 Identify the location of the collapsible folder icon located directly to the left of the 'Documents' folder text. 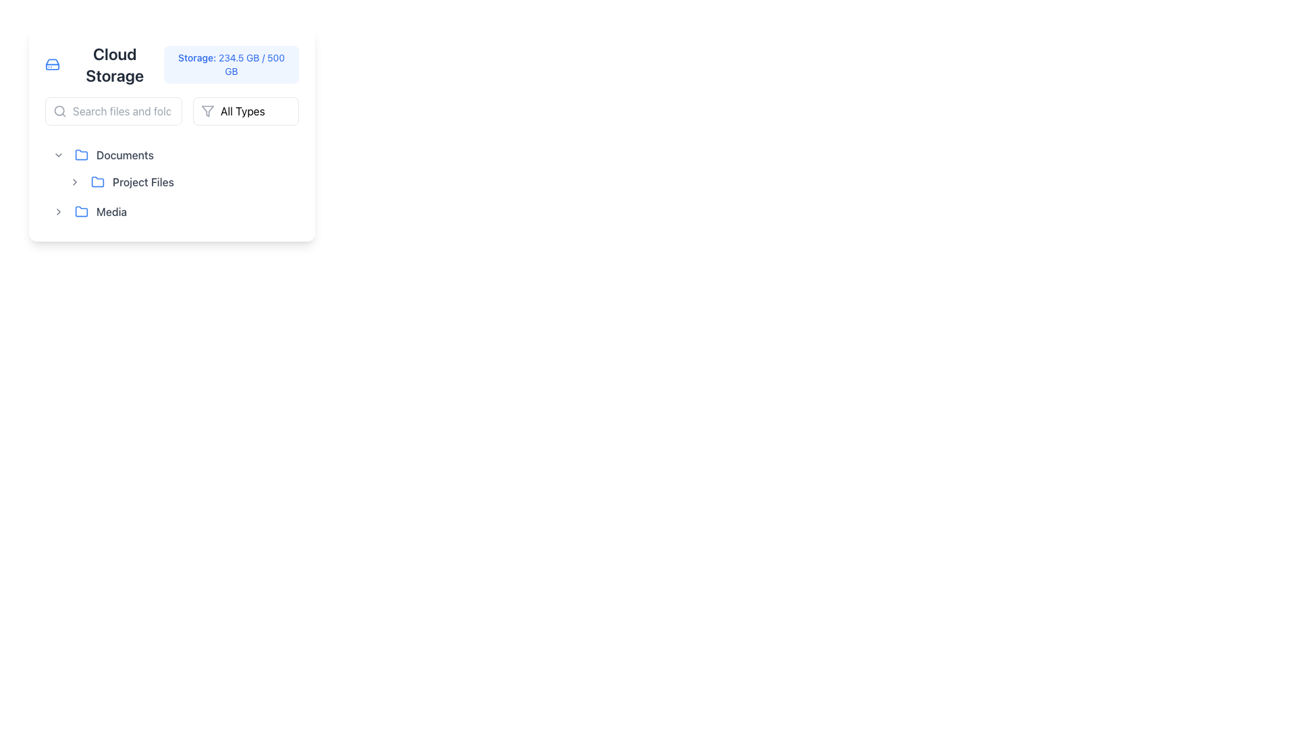
(57, 155).